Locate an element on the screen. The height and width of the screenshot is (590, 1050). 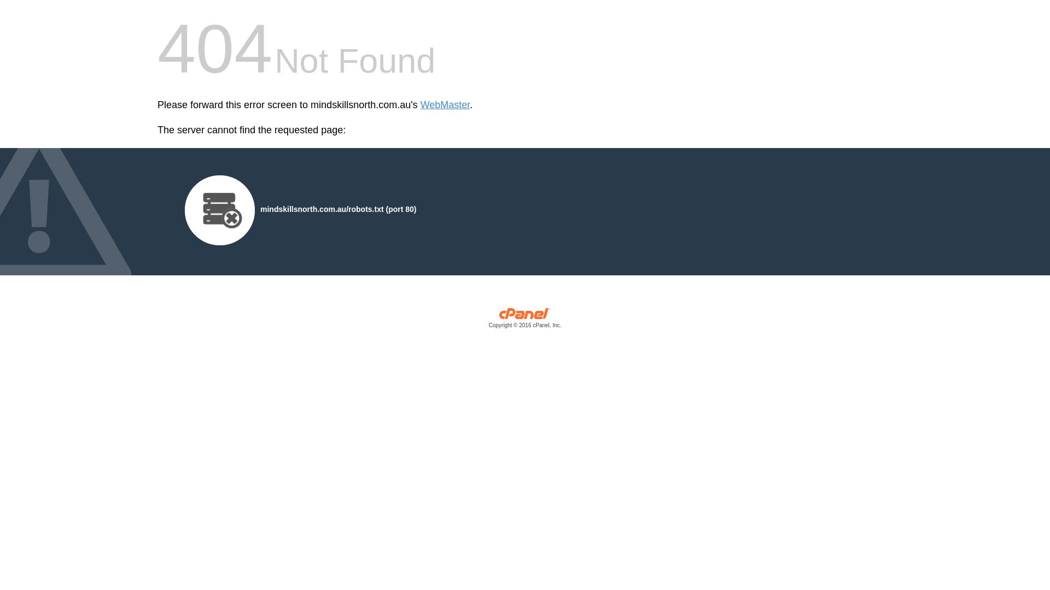
'WebMaster' is located at coordinates (445, 105).